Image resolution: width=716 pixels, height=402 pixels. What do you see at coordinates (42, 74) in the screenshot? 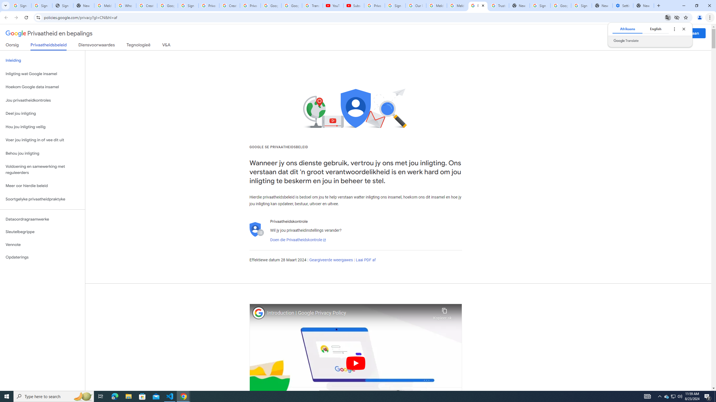
I see `'Inligting wat Google insamel'` at bounding box center [42, 74].